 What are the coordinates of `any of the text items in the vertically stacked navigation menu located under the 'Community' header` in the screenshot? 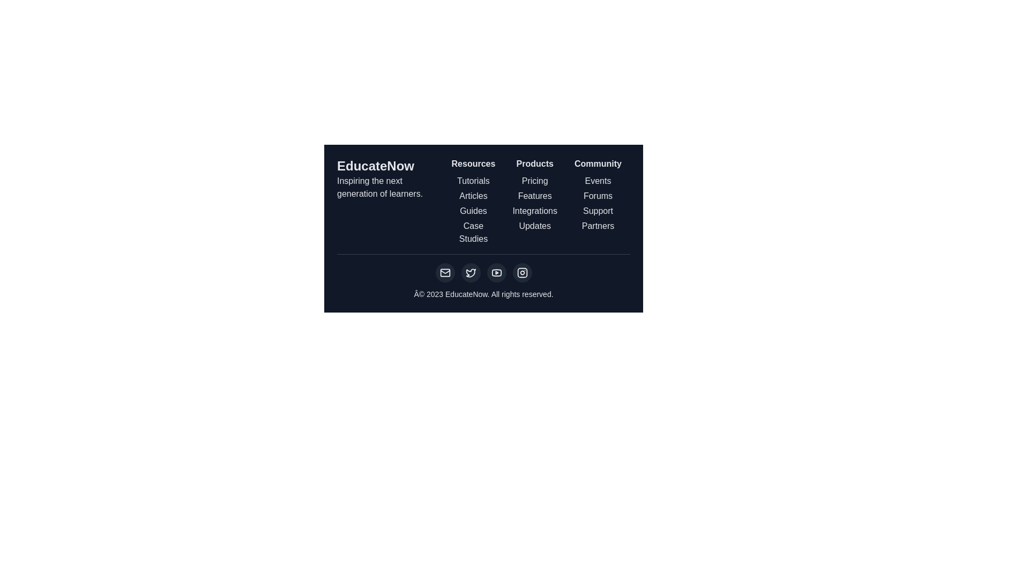 It's located at (598, 204).